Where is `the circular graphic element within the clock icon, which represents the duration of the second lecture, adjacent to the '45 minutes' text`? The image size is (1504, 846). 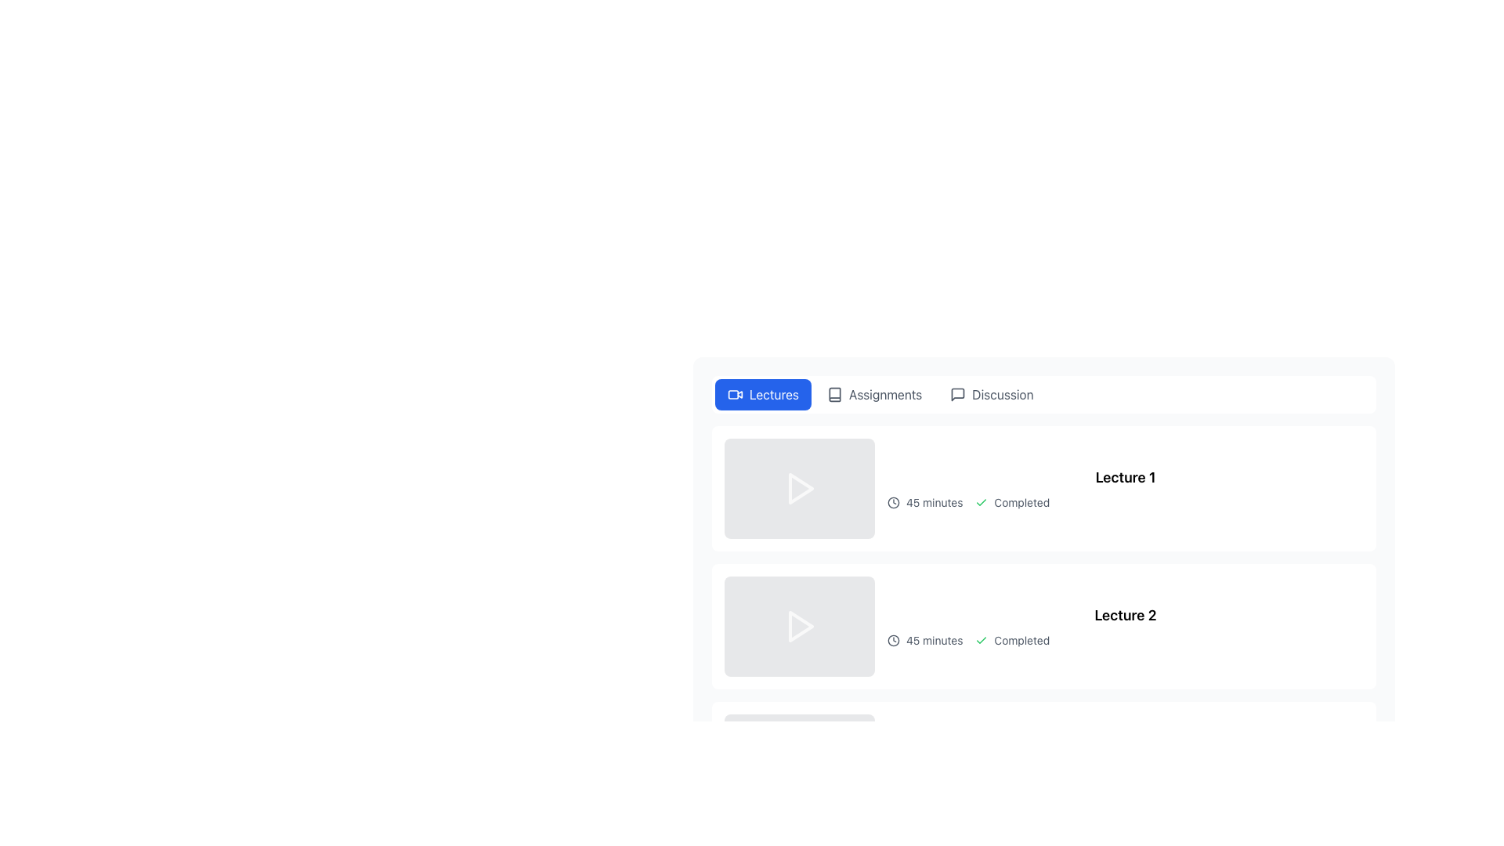 the circular graphic element within the clock icon, which represents the duration of the second lecture, adjacent to the '45 minutes' text is located at coordinates (894, 640).